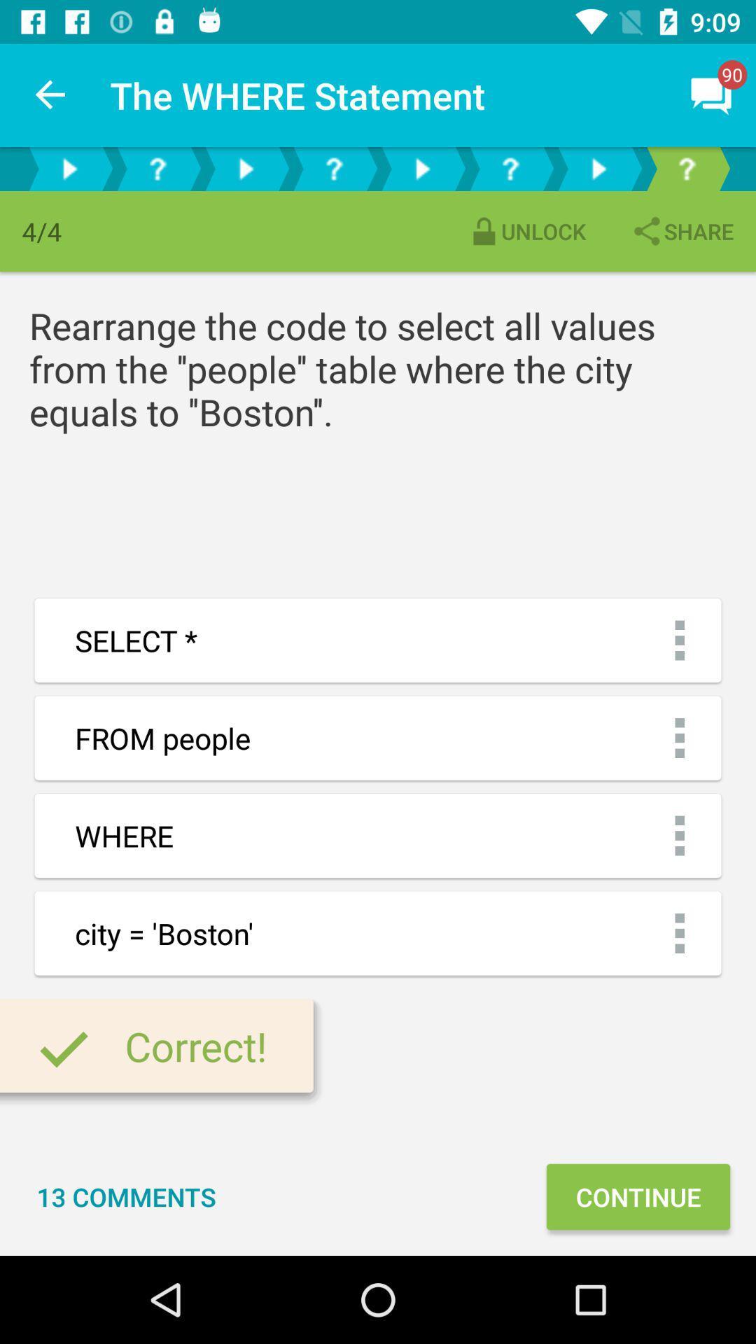  Describe the element at coordinates (245, 168) in the screenshot. I see `the play icon` at that location.